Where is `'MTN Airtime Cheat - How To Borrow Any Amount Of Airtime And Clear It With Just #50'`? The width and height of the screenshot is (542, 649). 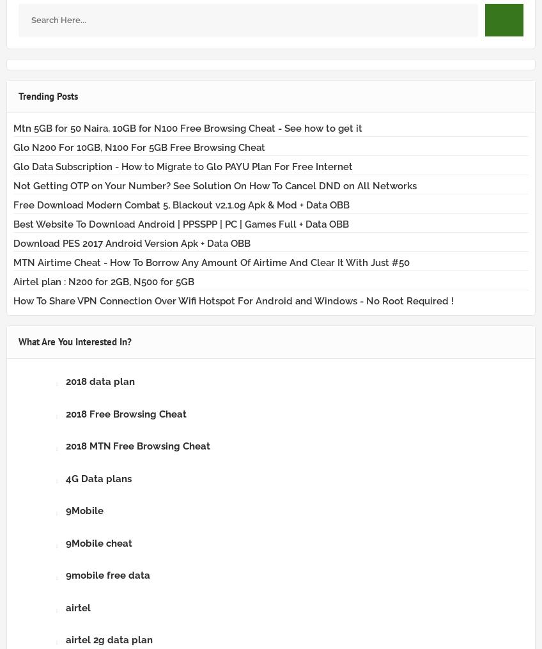 'MTN Airtime Cheat - How To Borrow Any Amount Of Airtime And Clear It With Just #50' is located at coordinates (13, 262).